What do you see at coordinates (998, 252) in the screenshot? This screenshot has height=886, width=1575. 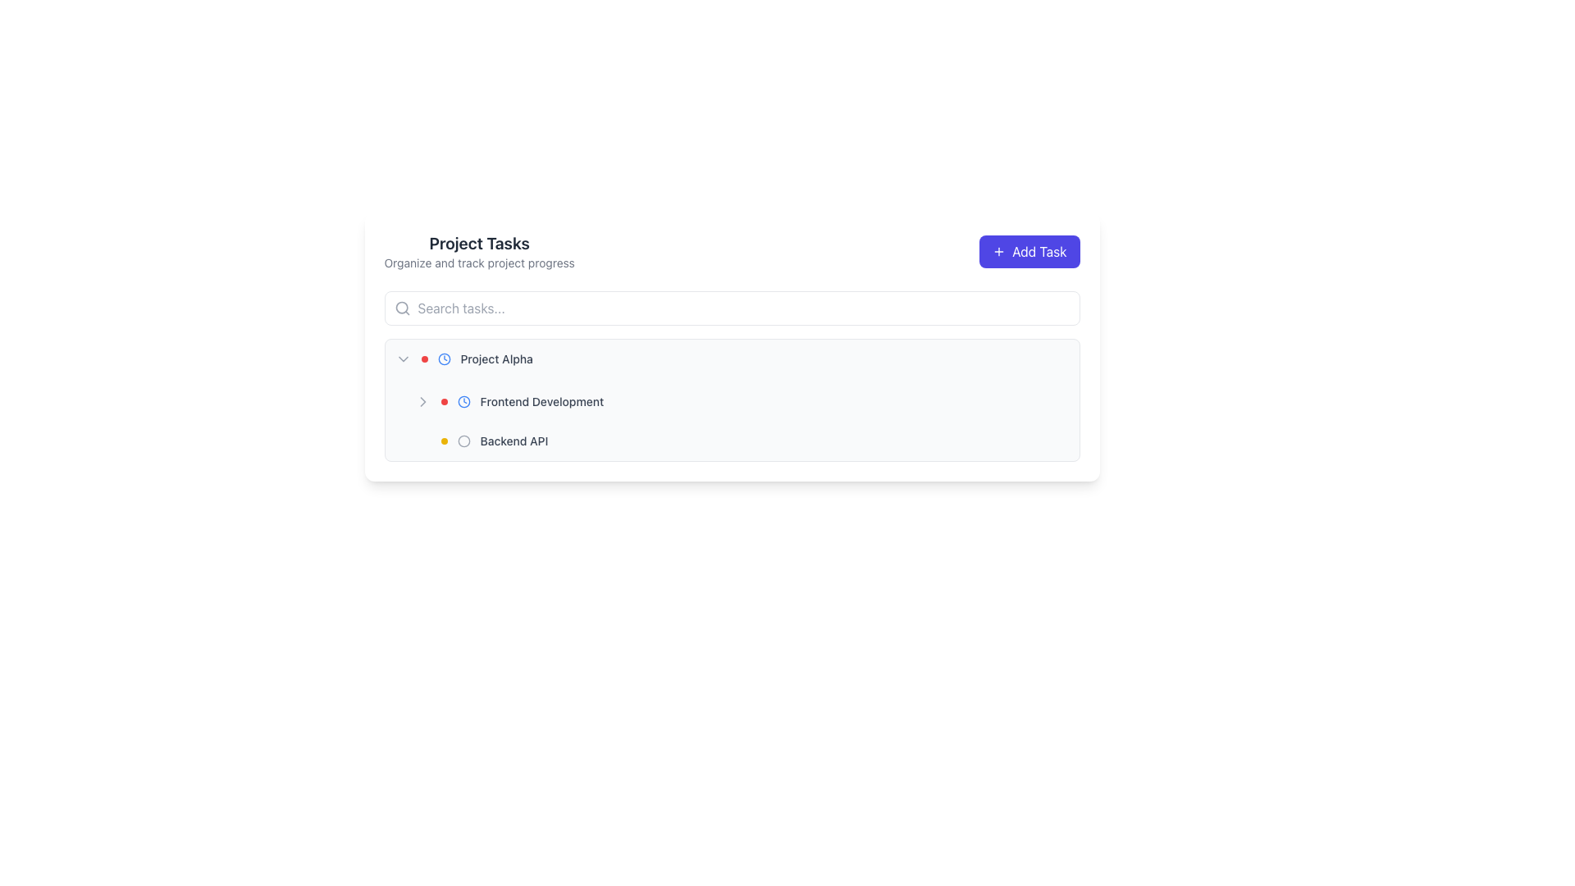 I see `the 'Add Task' button which contains the small plus icon, located in the top-right section of the interface` at bounding box center [998, 252].